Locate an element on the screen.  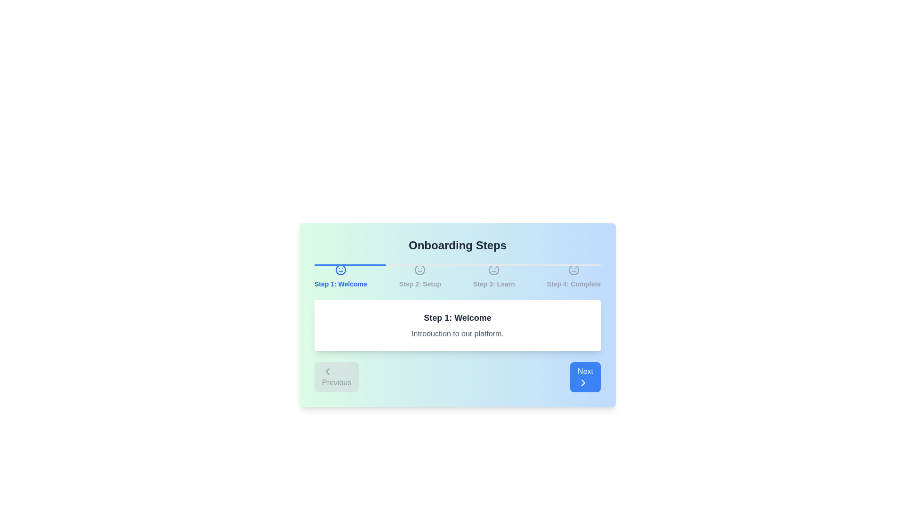
the third step indicator labeled 'Step 3: Learn', which features a gray smiley face icon is located at coordinates (493, 276).